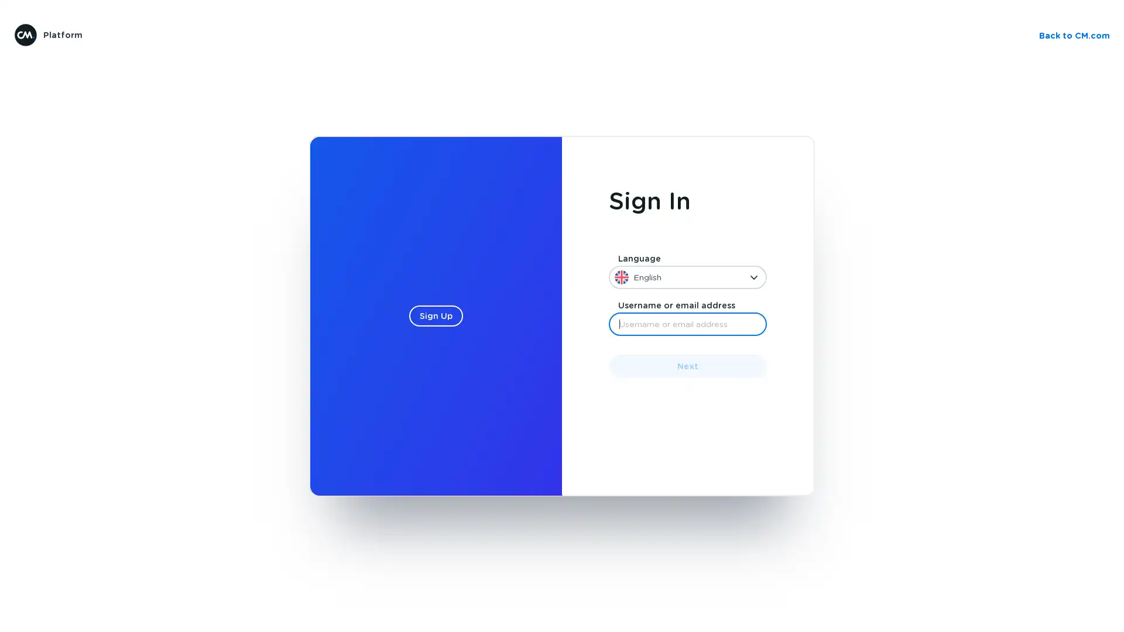 The width and height of the screenshot is (1124, 632). Describe the element at coordinates (688, 365) in the screenshot. I see `Next` at that location.